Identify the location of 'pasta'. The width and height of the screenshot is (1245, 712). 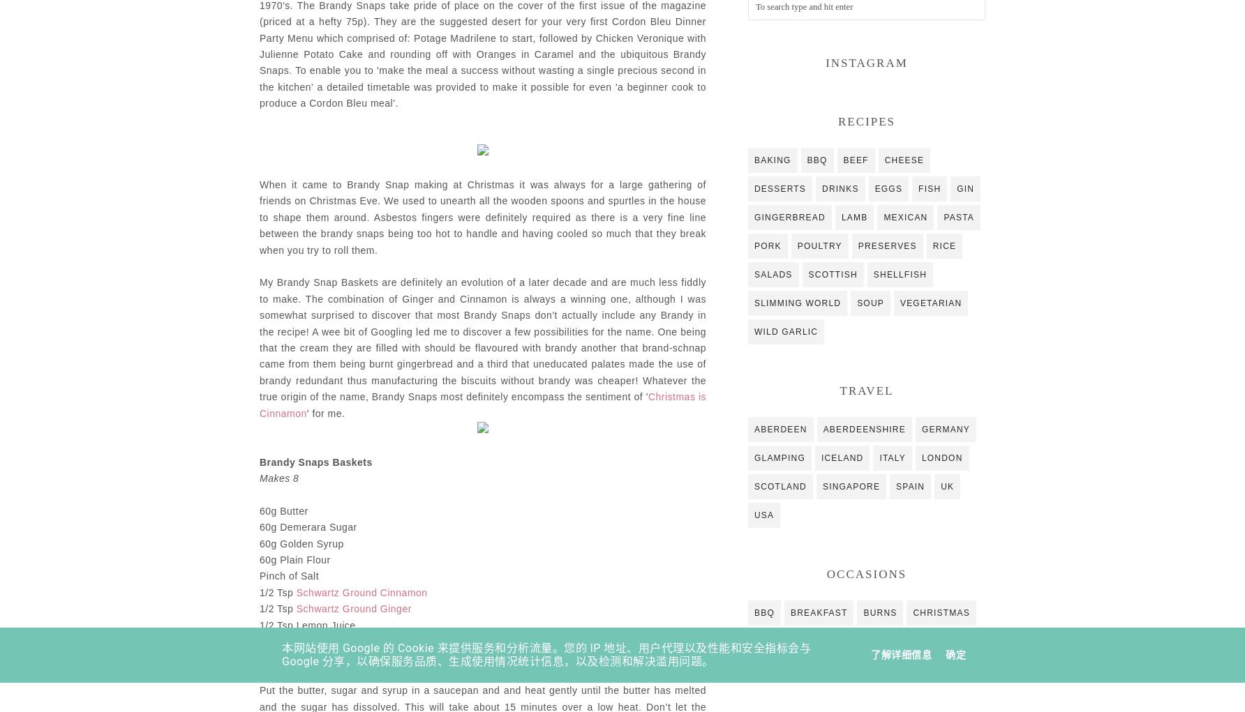
(943, 216).